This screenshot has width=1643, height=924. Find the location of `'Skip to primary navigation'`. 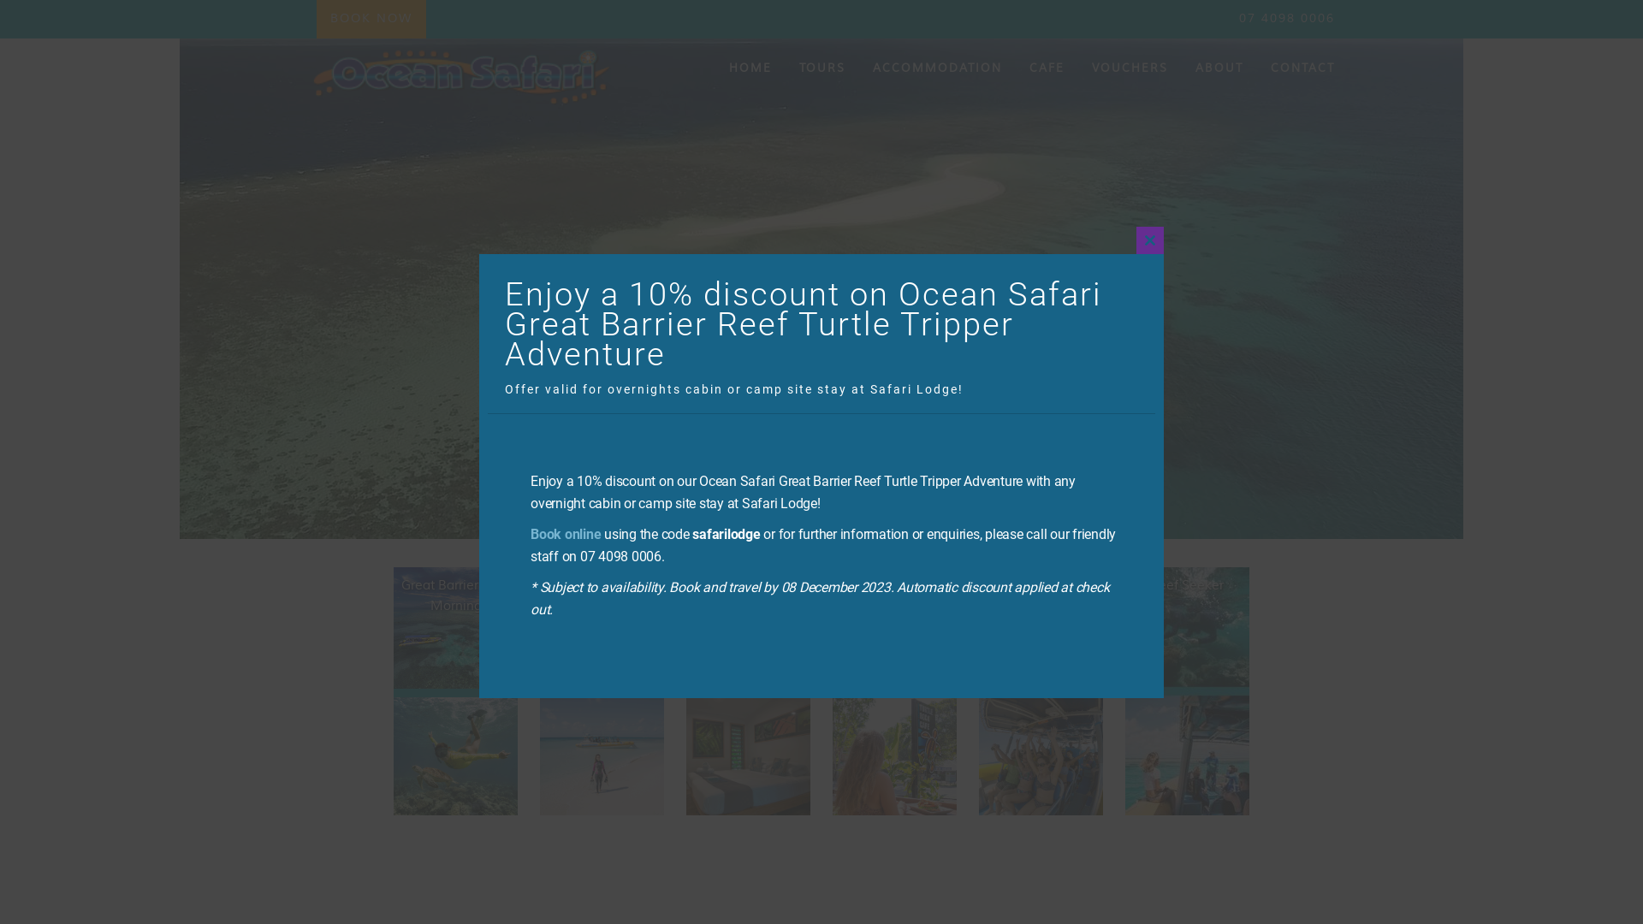

'Skip to primary navigation' is located at coordinates (0, 0).